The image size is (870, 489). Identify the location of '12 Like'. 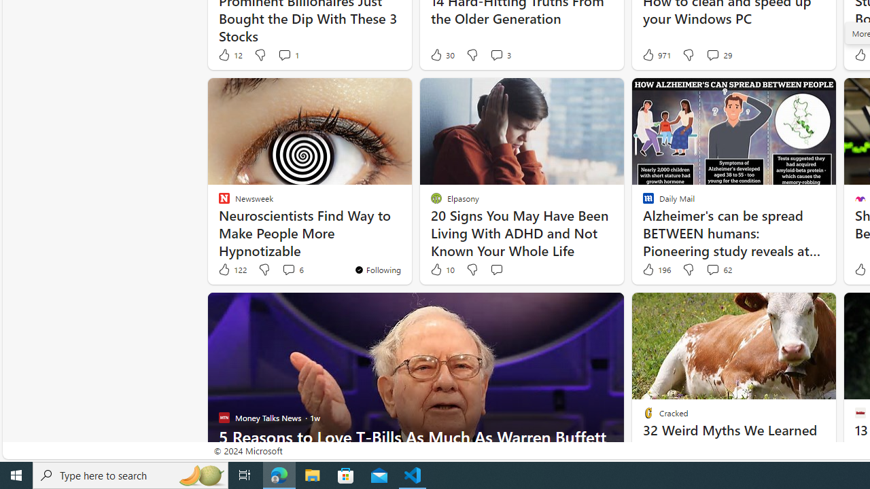
(229, 54).